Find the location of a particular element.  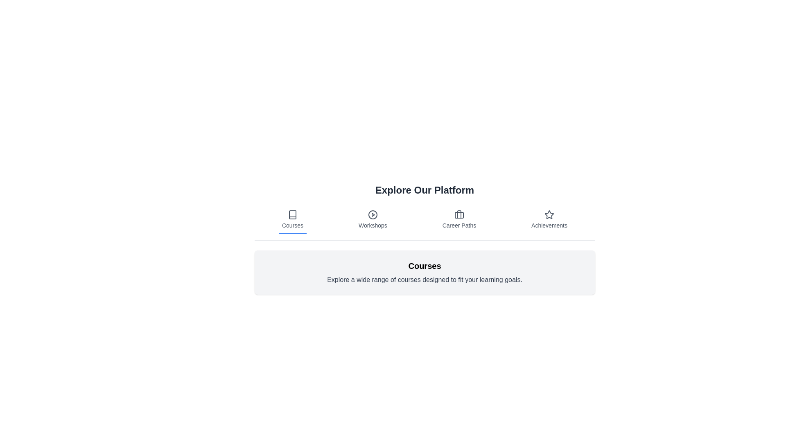

the tab corresponding to Workshops is located at coordinates (372, 219).